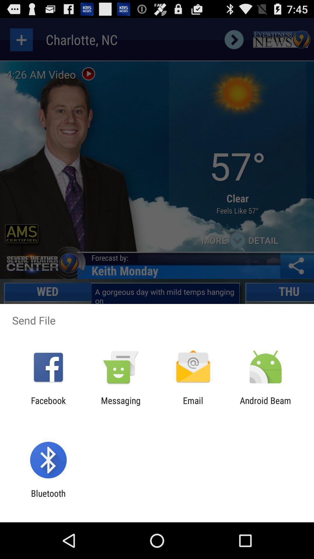  I want to click on the icon to the right of facebook, so click(120, 405).